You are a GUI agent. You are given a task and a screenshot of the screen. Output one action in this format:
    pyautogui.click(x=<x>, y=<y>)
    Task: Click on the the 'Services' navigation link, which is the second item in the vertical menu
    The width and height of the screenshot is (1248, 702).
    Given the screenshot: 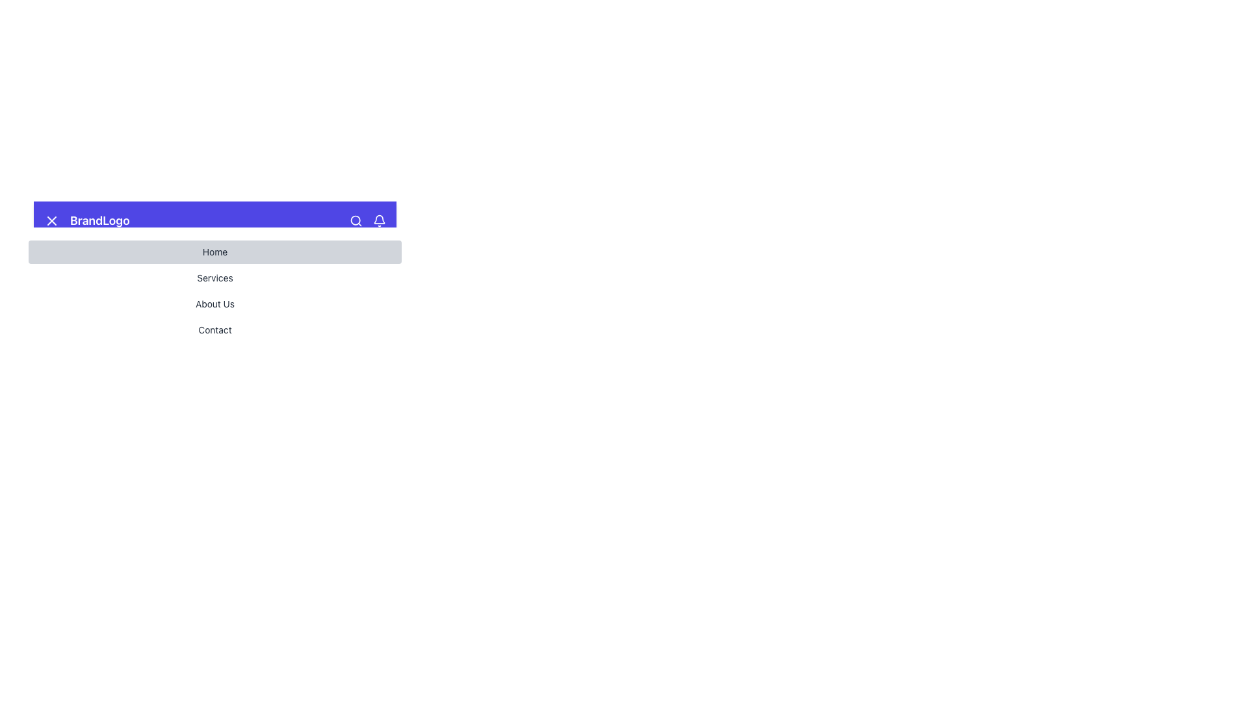 What is the action you would take?
    pyautogui.click(x=215, y=278)
    